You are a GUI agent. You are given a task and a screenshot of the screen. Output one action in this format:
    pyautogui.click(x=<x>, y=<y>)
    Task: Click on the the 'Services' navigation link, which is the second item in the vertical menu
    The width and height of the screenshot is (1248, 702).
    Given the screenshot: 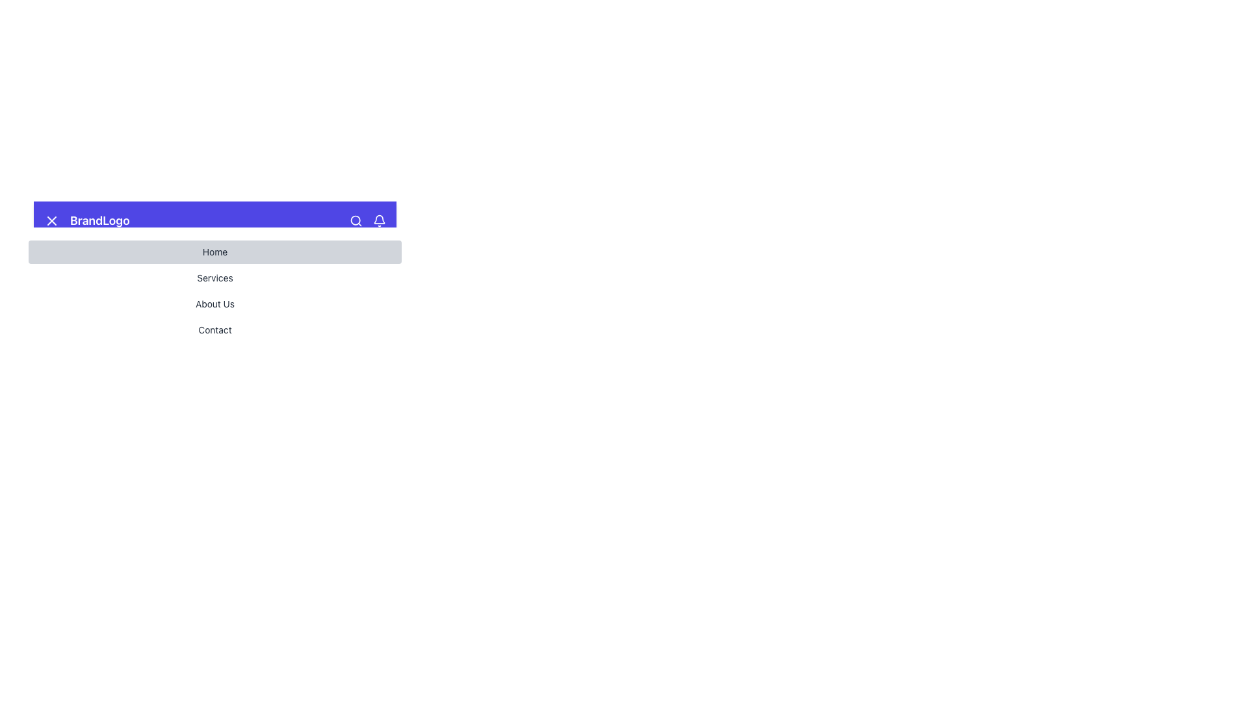 What is the action you would take?
    pyautogui.click(x=215, y=278)
    